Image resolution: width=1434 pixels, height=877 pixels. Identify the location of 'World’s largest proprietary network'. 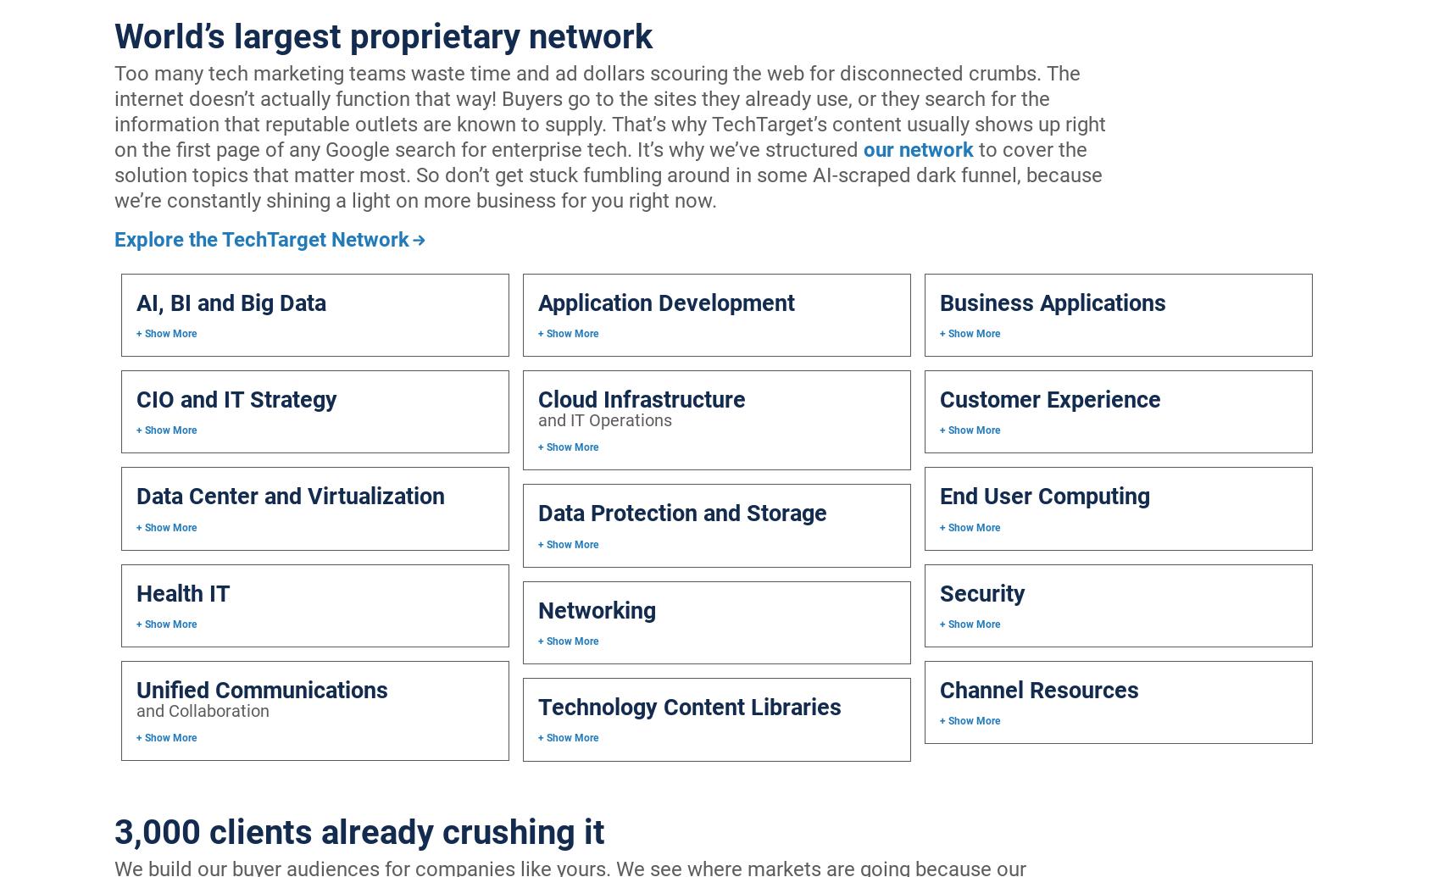
(382, 36).